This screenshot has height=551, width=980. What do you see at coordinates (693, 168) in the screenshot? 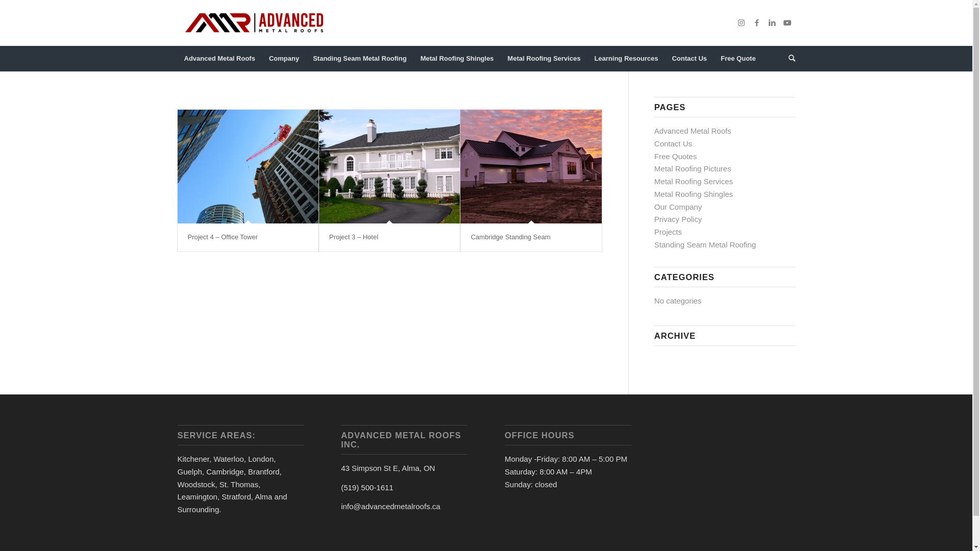
I see `'Metal Roofing Pictures'` at bounding box center [693, 168].